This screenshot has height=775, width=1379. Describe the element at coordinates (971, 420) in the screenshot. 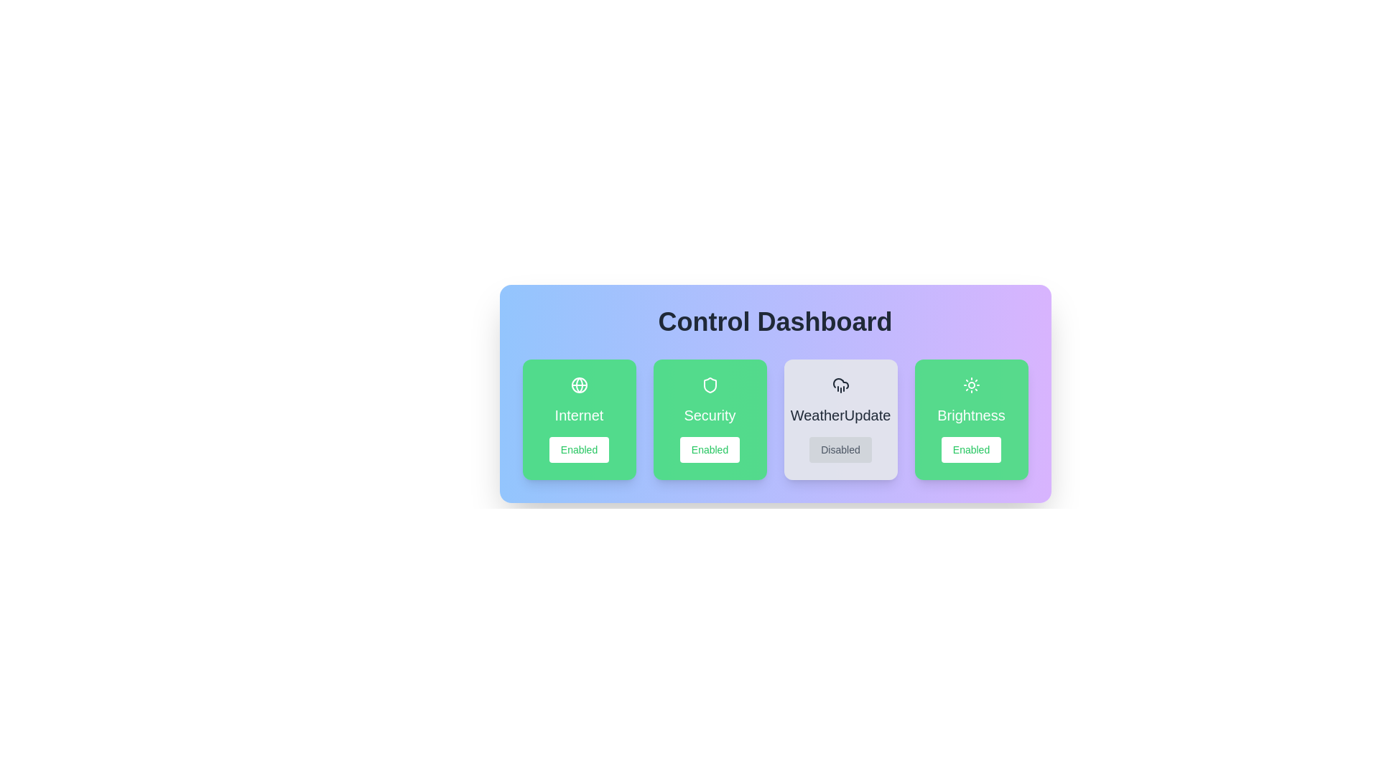

I see `the card representing Brightness` at that location.